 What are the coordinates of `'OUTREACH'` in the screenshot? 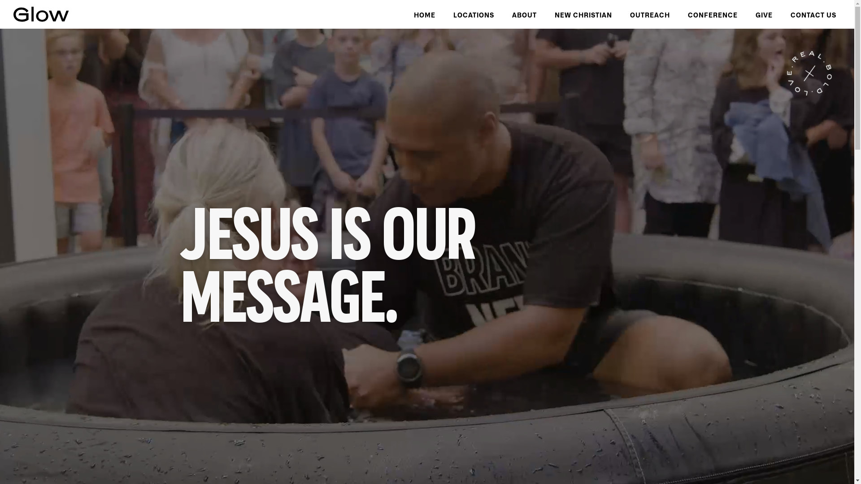 It's located at (650, 14).